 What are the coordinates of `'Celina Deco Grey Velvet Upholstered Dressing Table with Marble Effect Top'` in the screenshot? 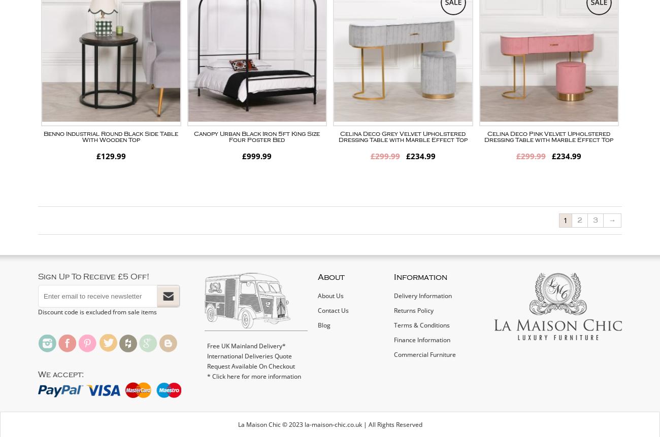 It's located at (402, 136).